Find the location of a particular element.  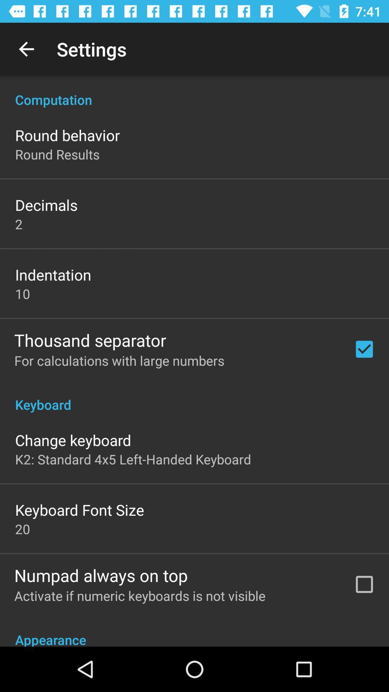

the app below the thousand separator item is located at coordinates (119, 360).